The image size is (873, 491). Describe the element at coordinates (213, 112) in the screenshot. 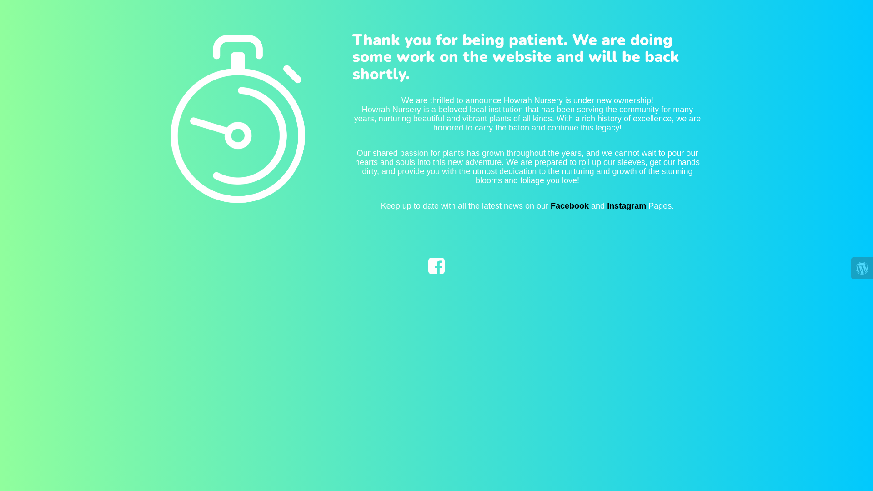

I see `'Tick tock, tick tock, ...'` at that location.